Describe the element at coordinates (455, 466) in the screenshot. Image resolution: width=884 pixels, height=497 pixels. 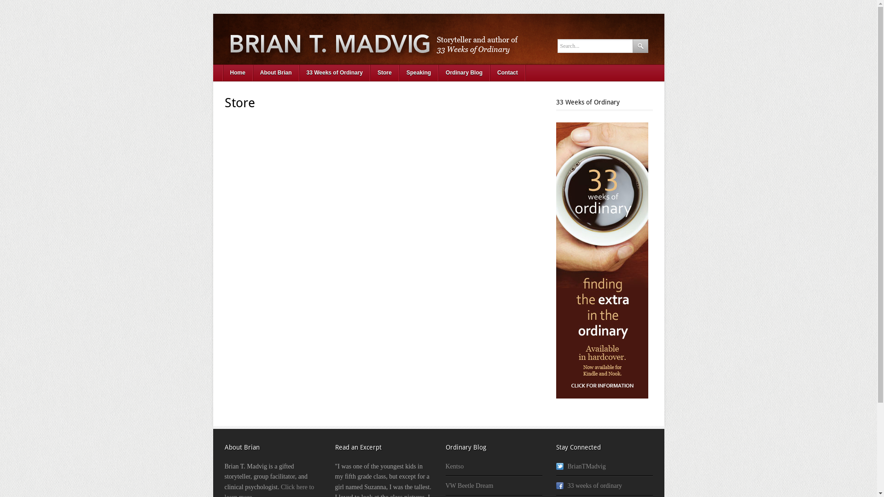
I see `'Kentso'` at that location.